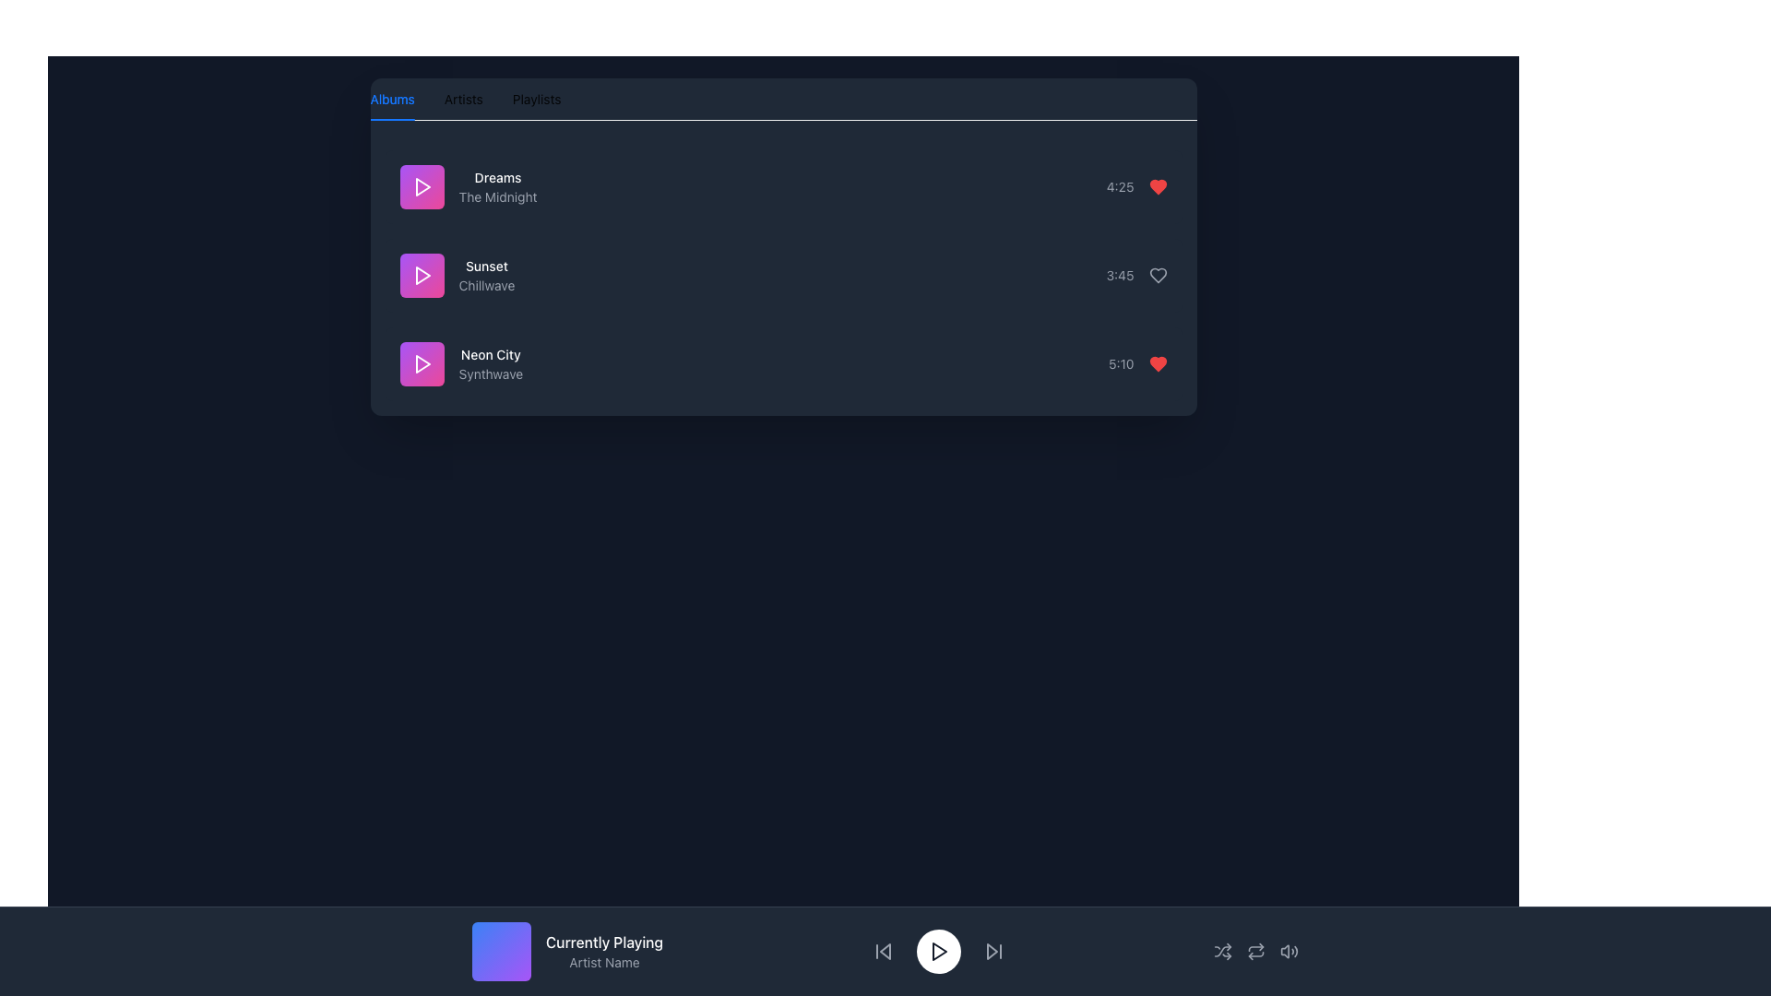  I want to click on the 'Artists' tab button, which is the second option in the horizontal navigation bar, so click(463, 100).